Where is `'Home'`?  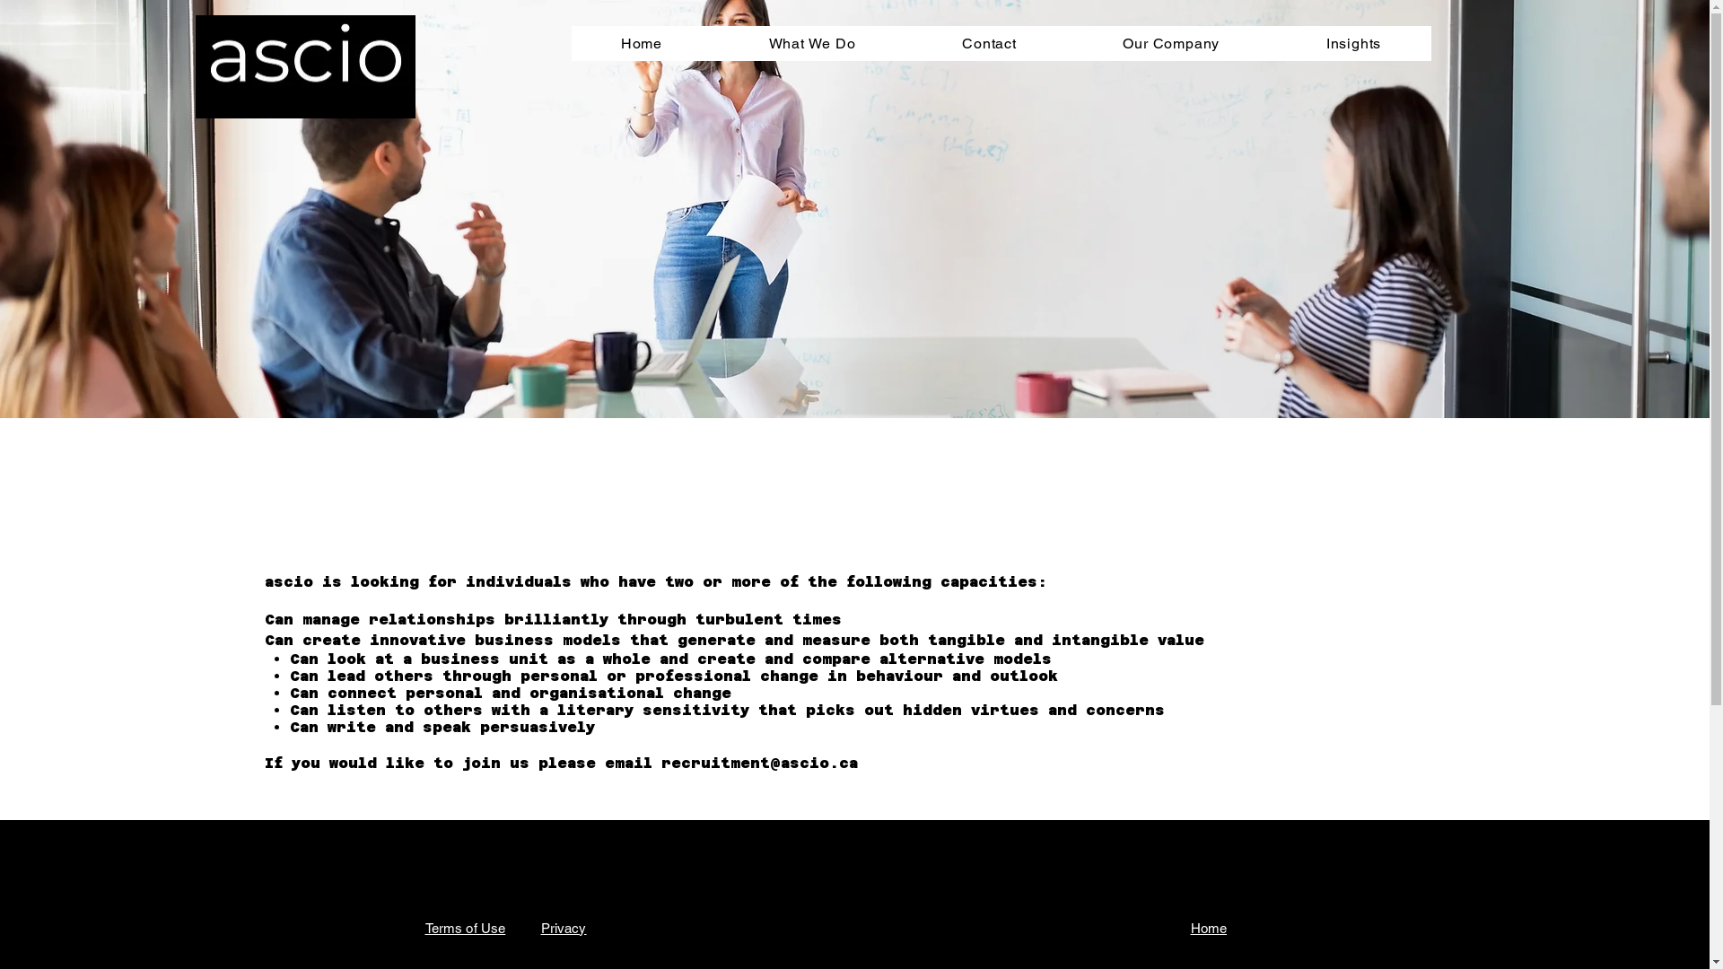
'Home' is located at coordinates (1208, 928).